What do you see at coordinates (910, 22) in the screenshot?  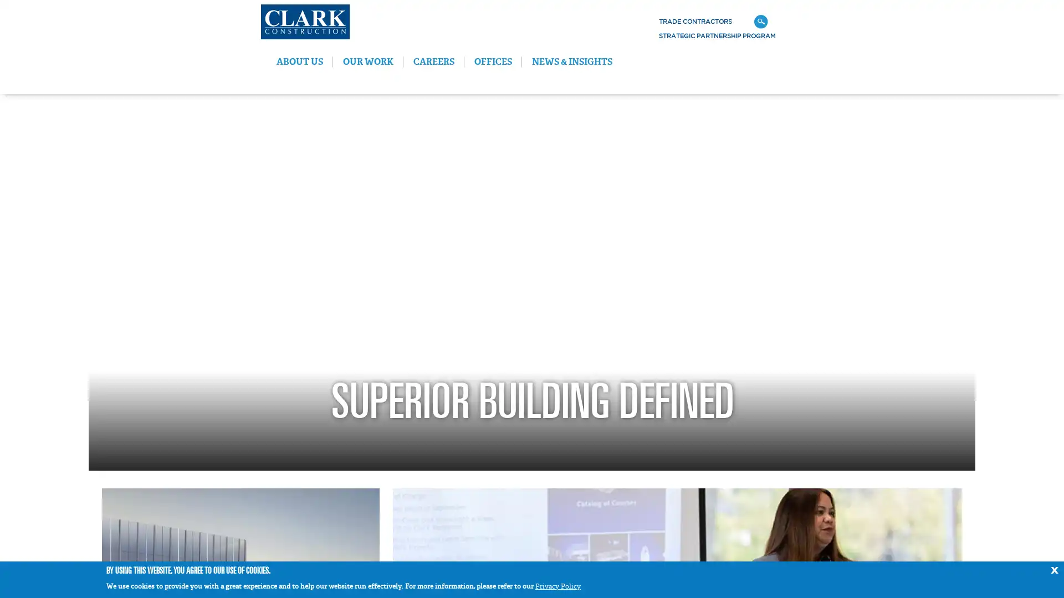 I see `Search` at bounding box center [910, 22].